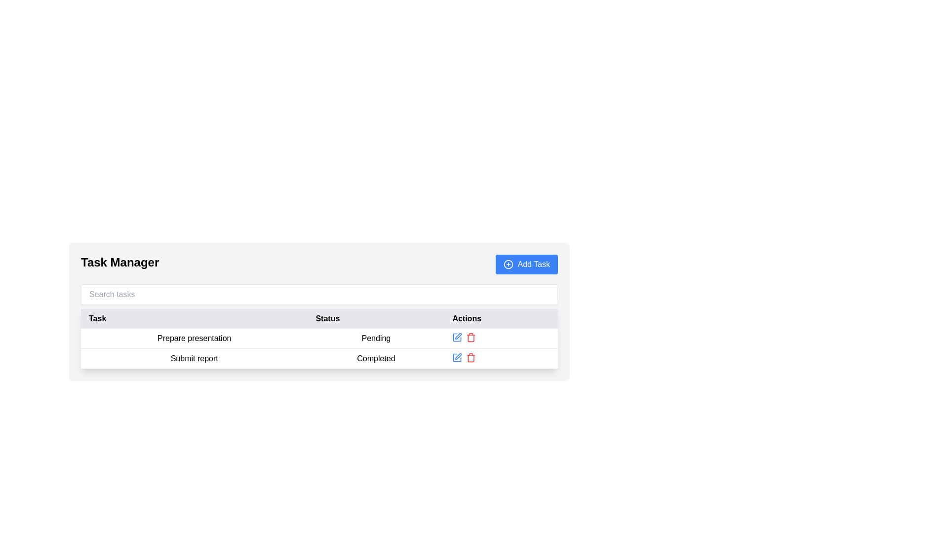 This screenshot has height=533, width=948. Describe the element at coordinates (458, 356) in the screenshot. I see `the icon button resembling a pen or pencil to the right of 'Completed' in the Actions column to initiate edit mode` at that location.